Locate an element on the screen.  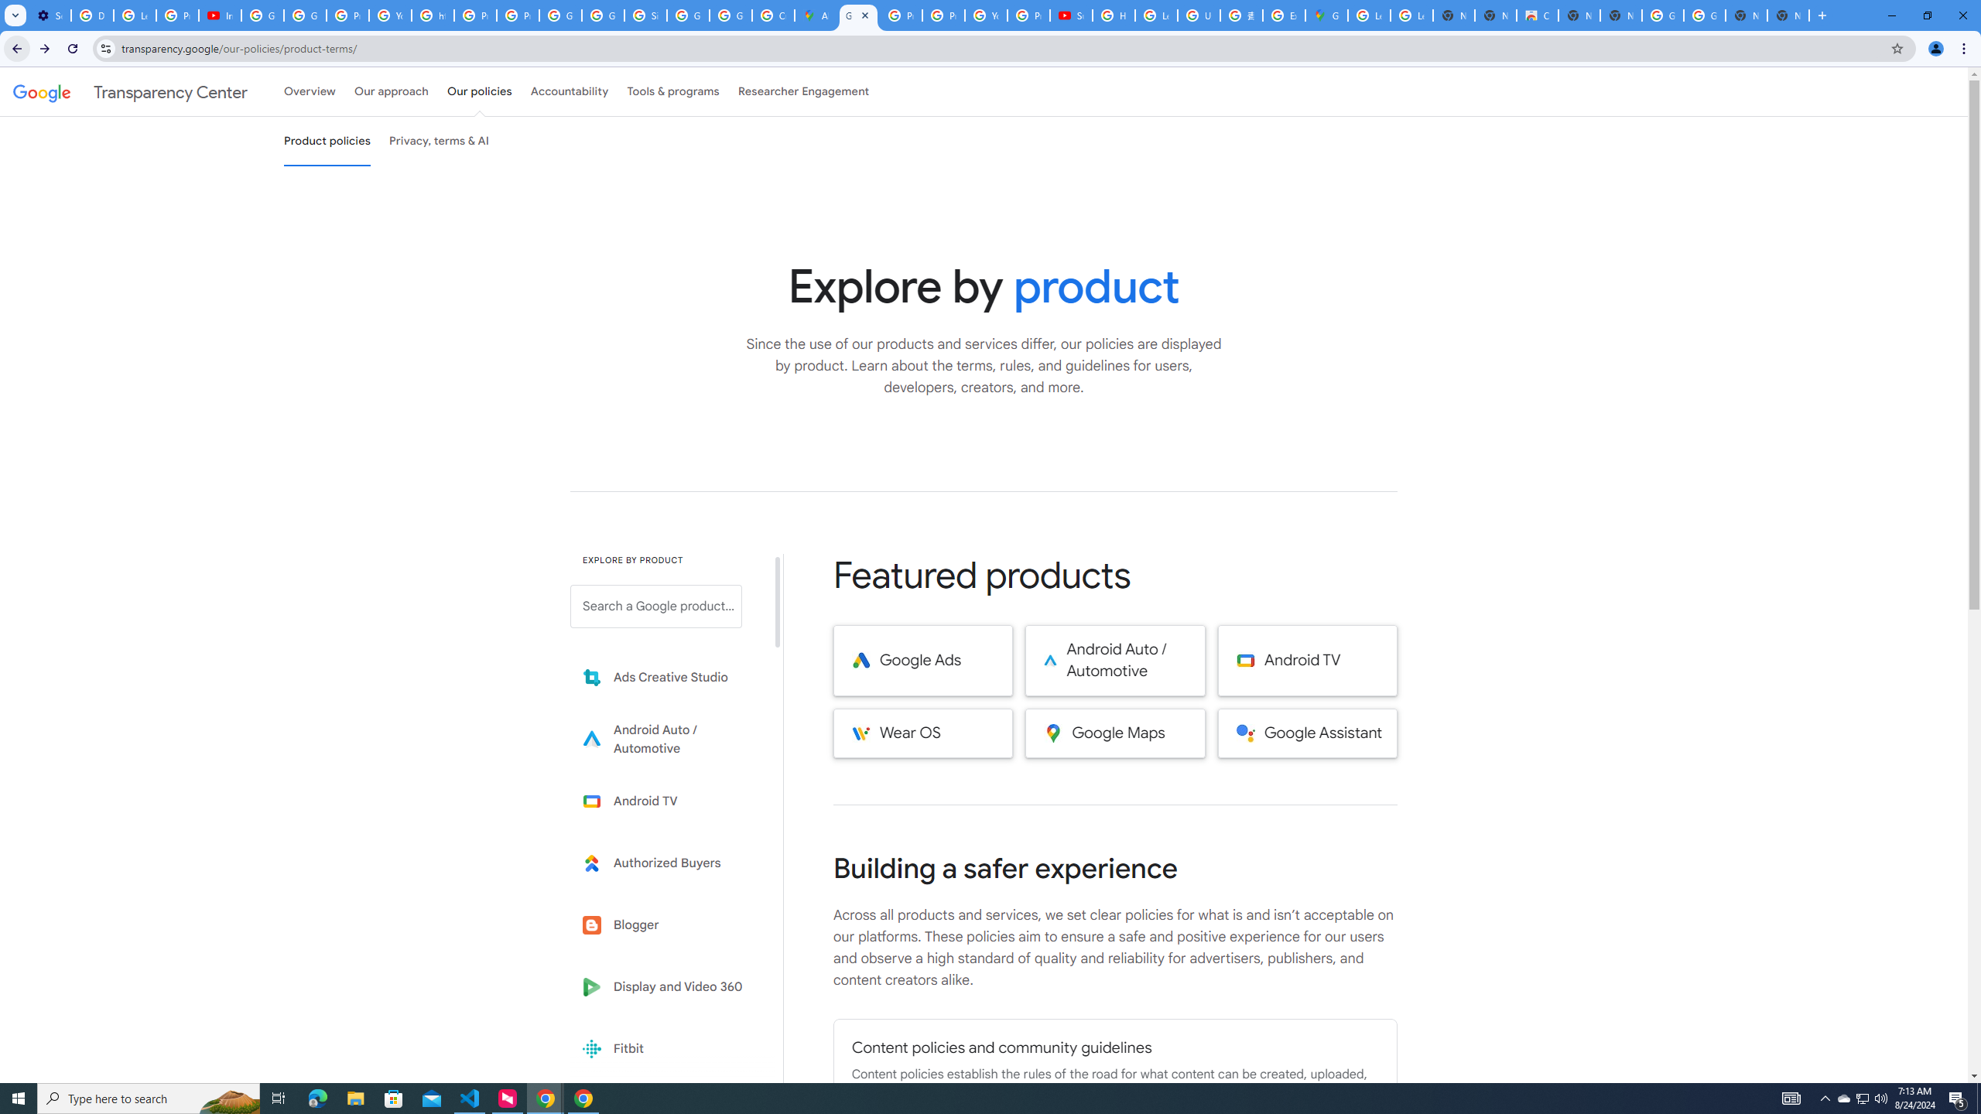
'Google Account Help' is located at coordinates (305, 15).